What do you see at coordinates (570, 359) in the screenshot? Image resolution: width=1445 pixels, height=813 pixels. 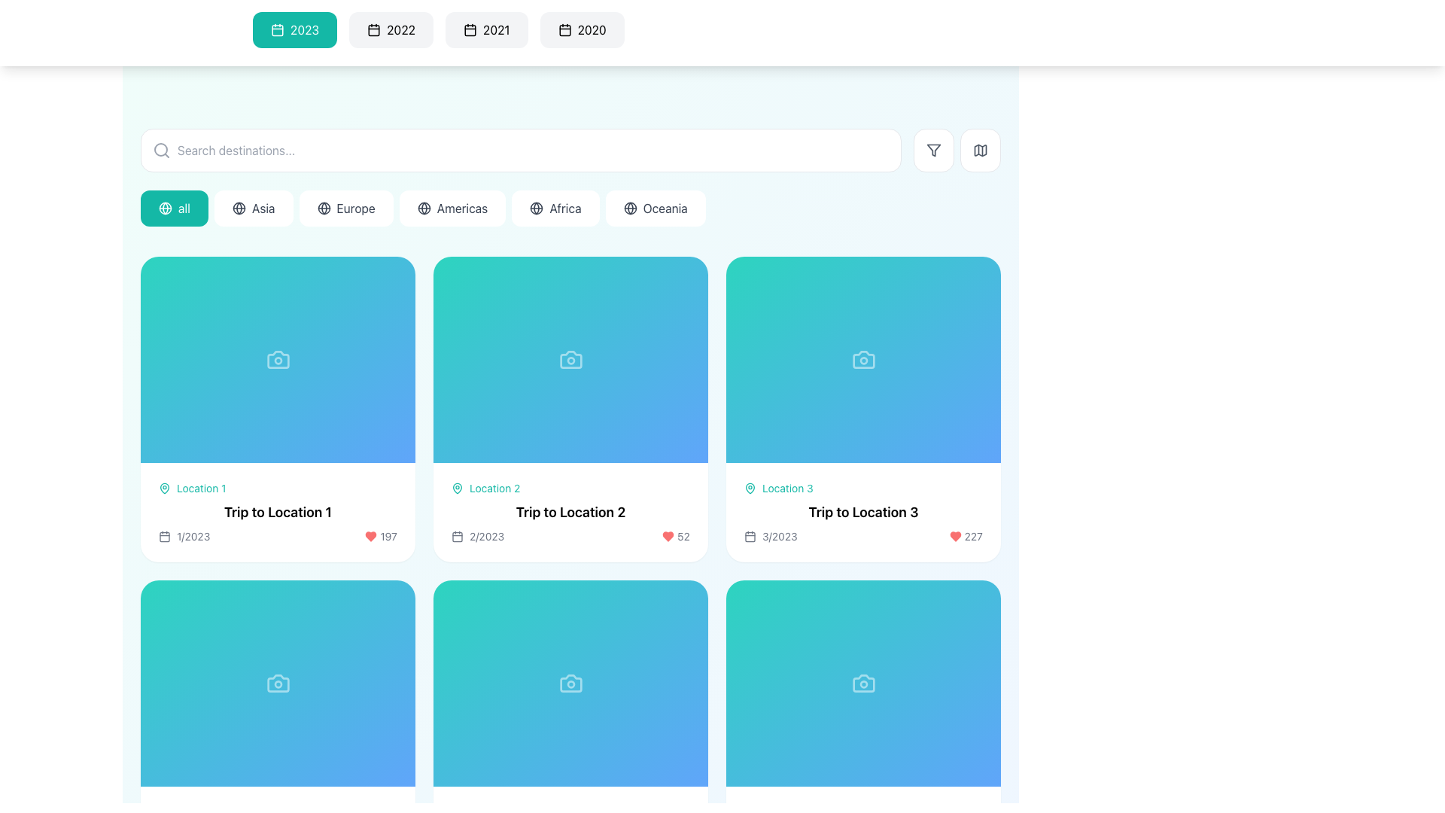 I see `the image placeholder representing 'Trip to Location 2', which is the second item in the grid of displayed trips, located in the first row and second column` at bounding box center [570, 359].